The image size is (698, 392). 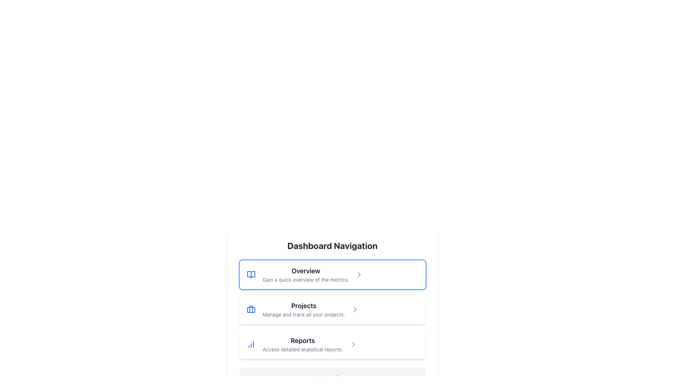 I want to click on the Text Display element that serves as a navigational header for the 'Overview' section, located centrally beneath 'Dashboard Navigation', so click(x=306, y=274).